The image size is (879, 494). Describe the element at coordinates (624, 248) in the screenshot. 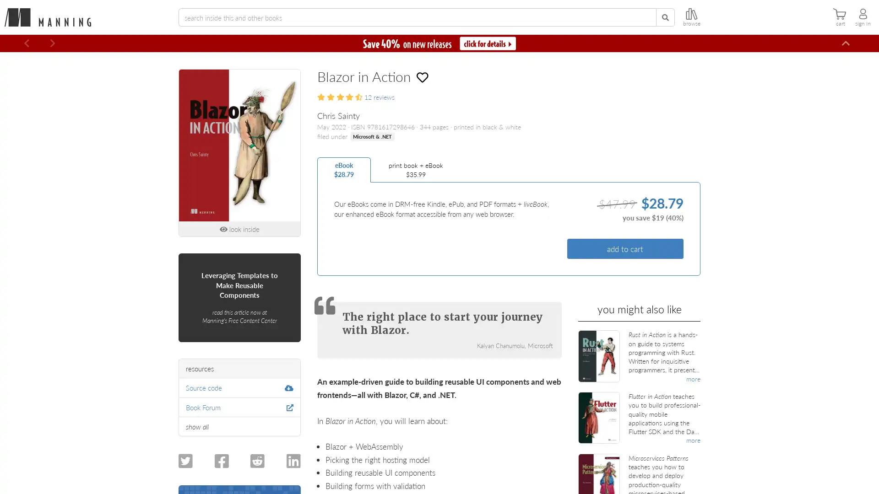

I see `add to cart` at that location.